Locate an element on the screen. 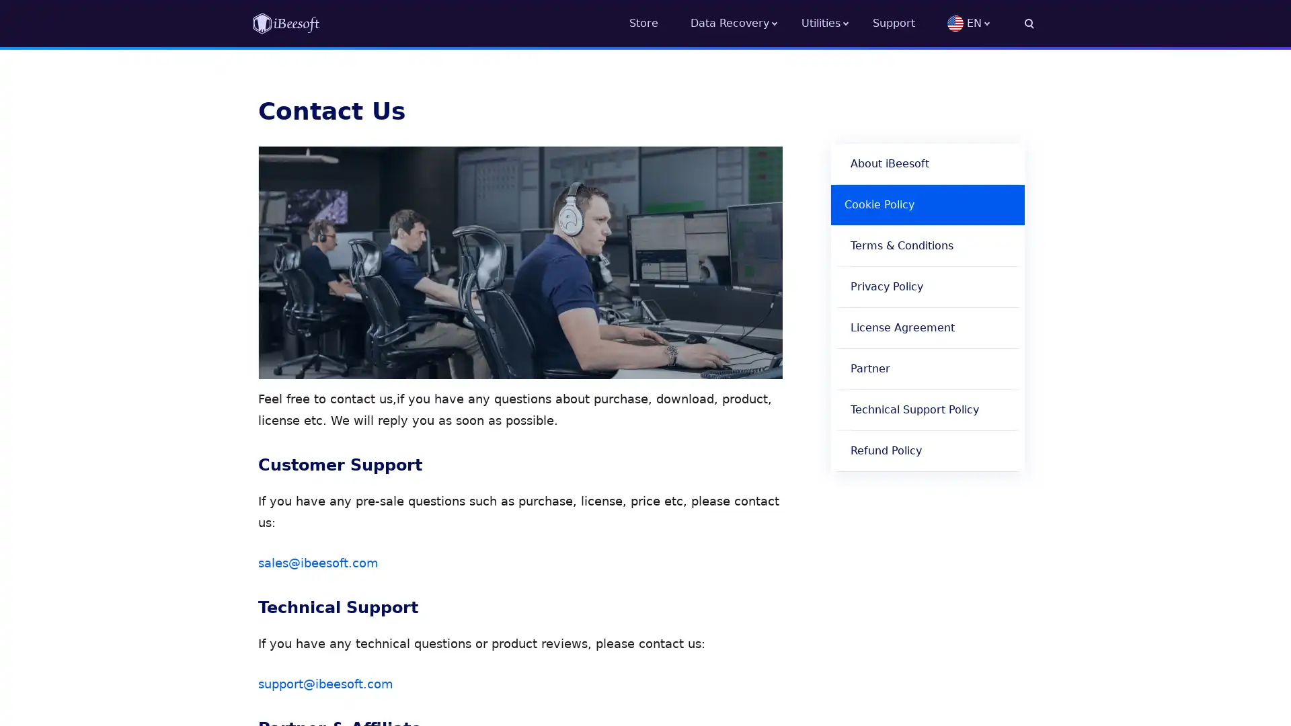  products is located at coordinates (745, 23).